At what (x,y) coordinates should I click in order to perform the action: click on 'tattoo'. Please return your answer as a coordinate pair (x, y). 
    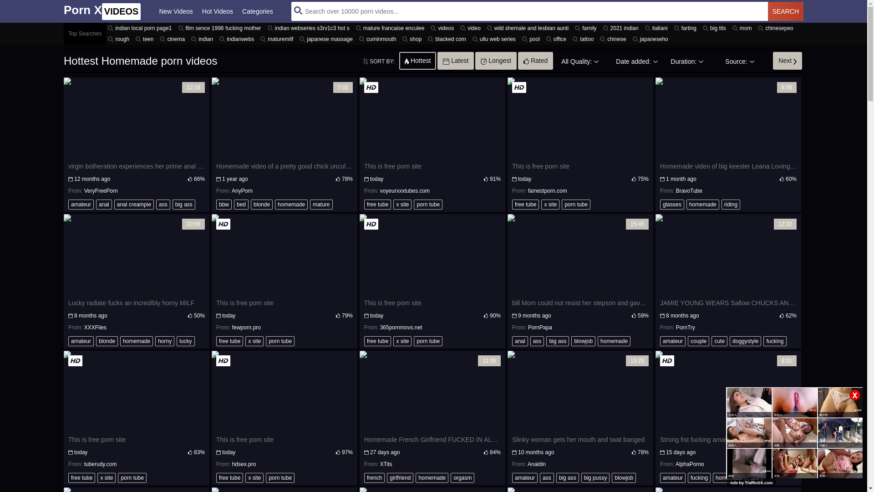
    Looking at the image, I should click on (584, 38).